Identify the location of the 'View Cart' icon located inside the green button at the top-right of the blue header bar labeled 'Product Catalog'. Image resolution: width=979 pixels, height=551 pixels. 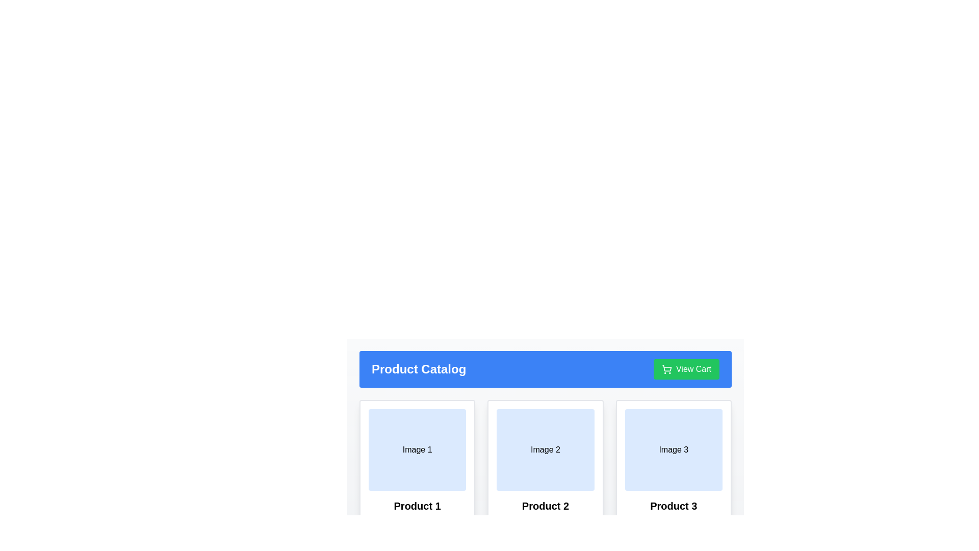
(666, 369).